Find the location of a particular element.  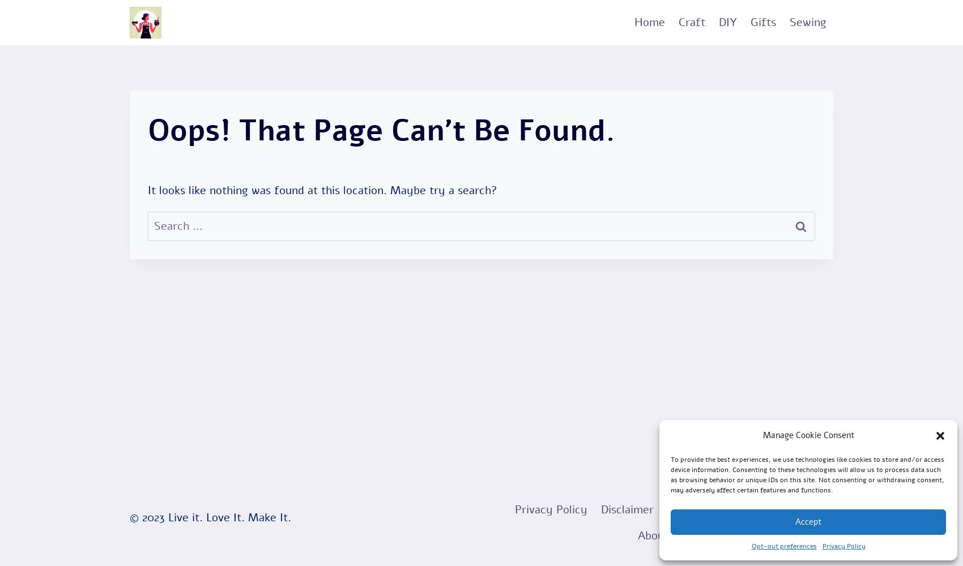

'DIY' is located at coordinates (728, 22).